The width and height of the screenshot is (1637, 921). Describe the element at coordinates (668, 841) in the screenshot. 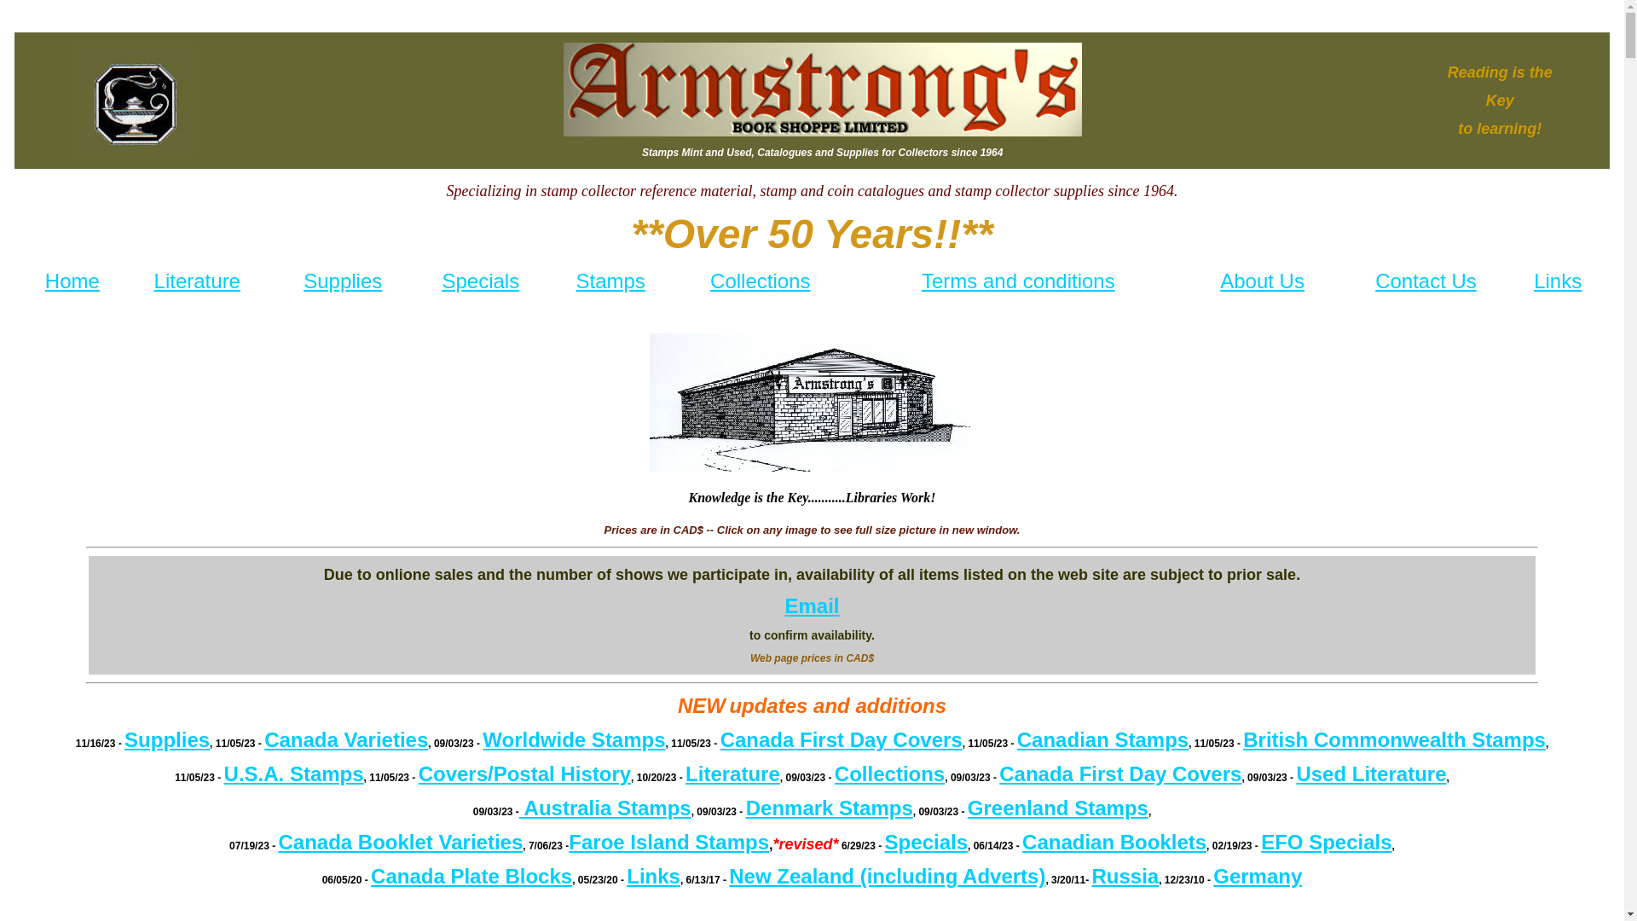

I see `'Faroe Island Stamps'` at that location.